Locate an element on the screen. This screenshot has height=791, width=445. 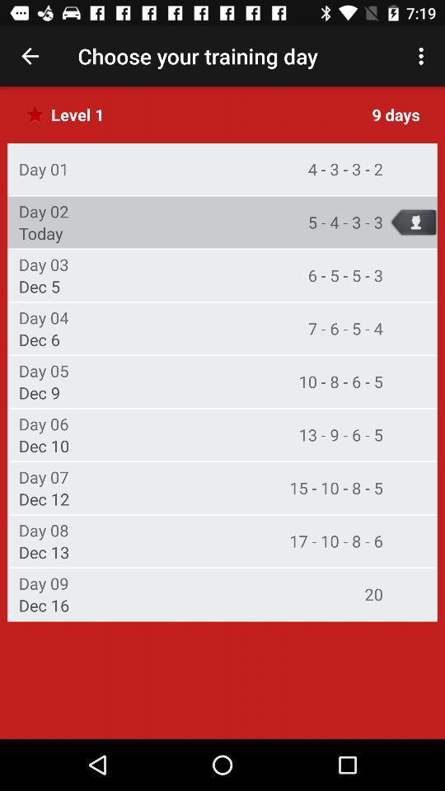
the day 07 item is located at coordinates (44, 477).